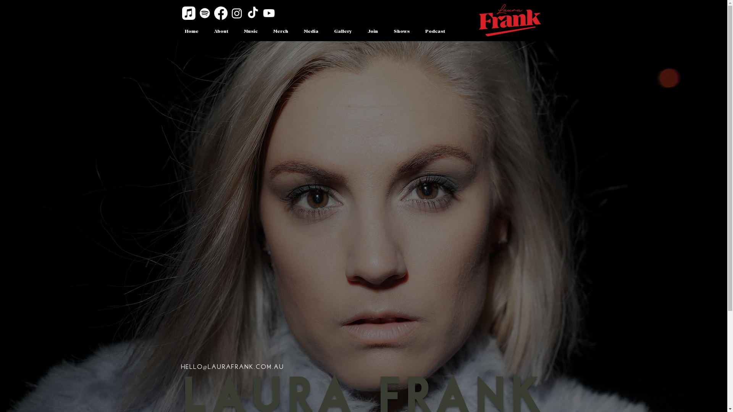 This screenshot has width=733, height=412. I want to click on 'Home', so click(191, 31).